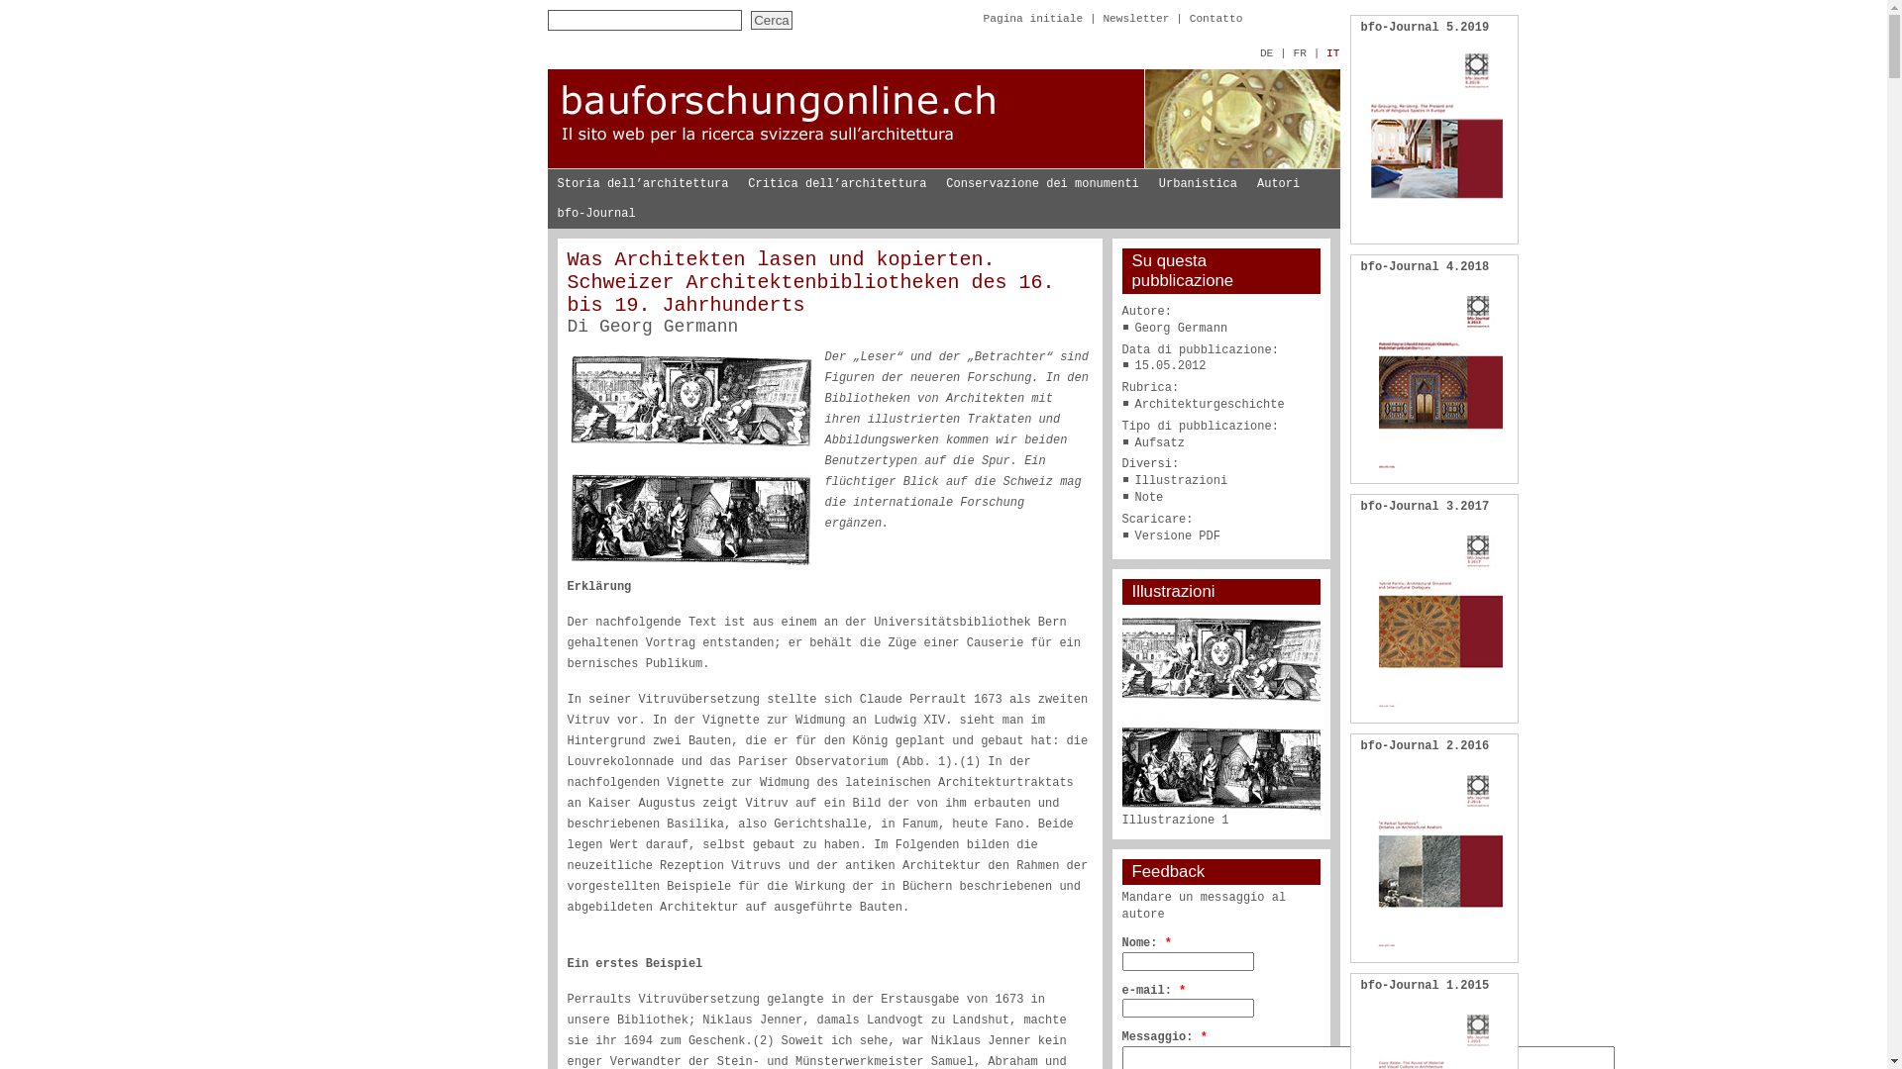  I want to click on 'Illustrazioni', so click(1135, 481).